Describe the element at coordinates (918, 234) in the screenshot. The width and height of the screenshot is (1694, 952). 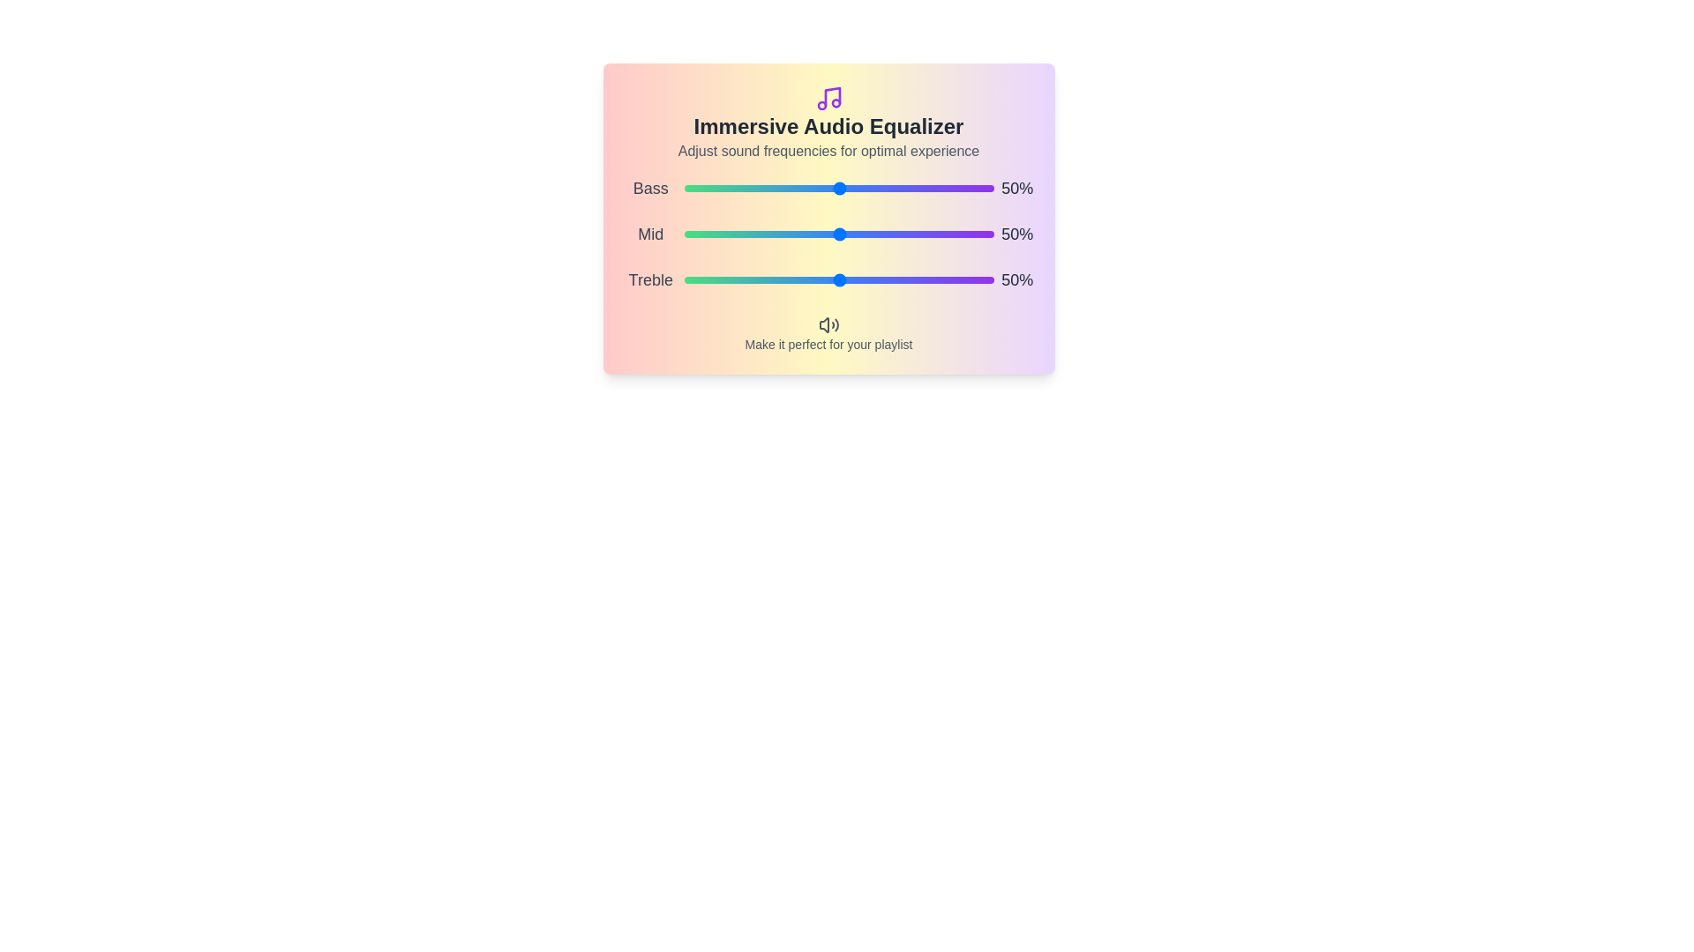
I see `the 1 slider to 52%` at that location.